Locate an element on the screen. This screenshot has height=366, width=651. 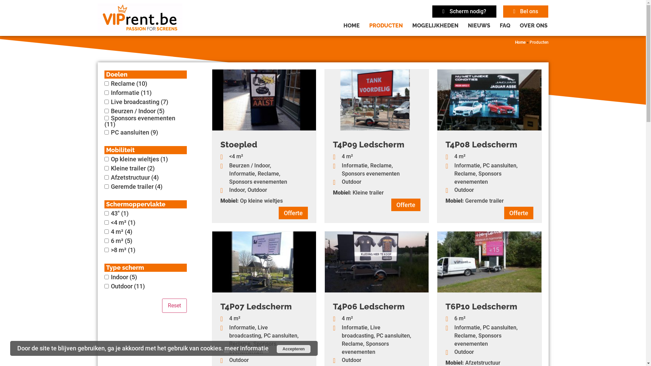
'Bel ons' is located at coordinates (525, 12).